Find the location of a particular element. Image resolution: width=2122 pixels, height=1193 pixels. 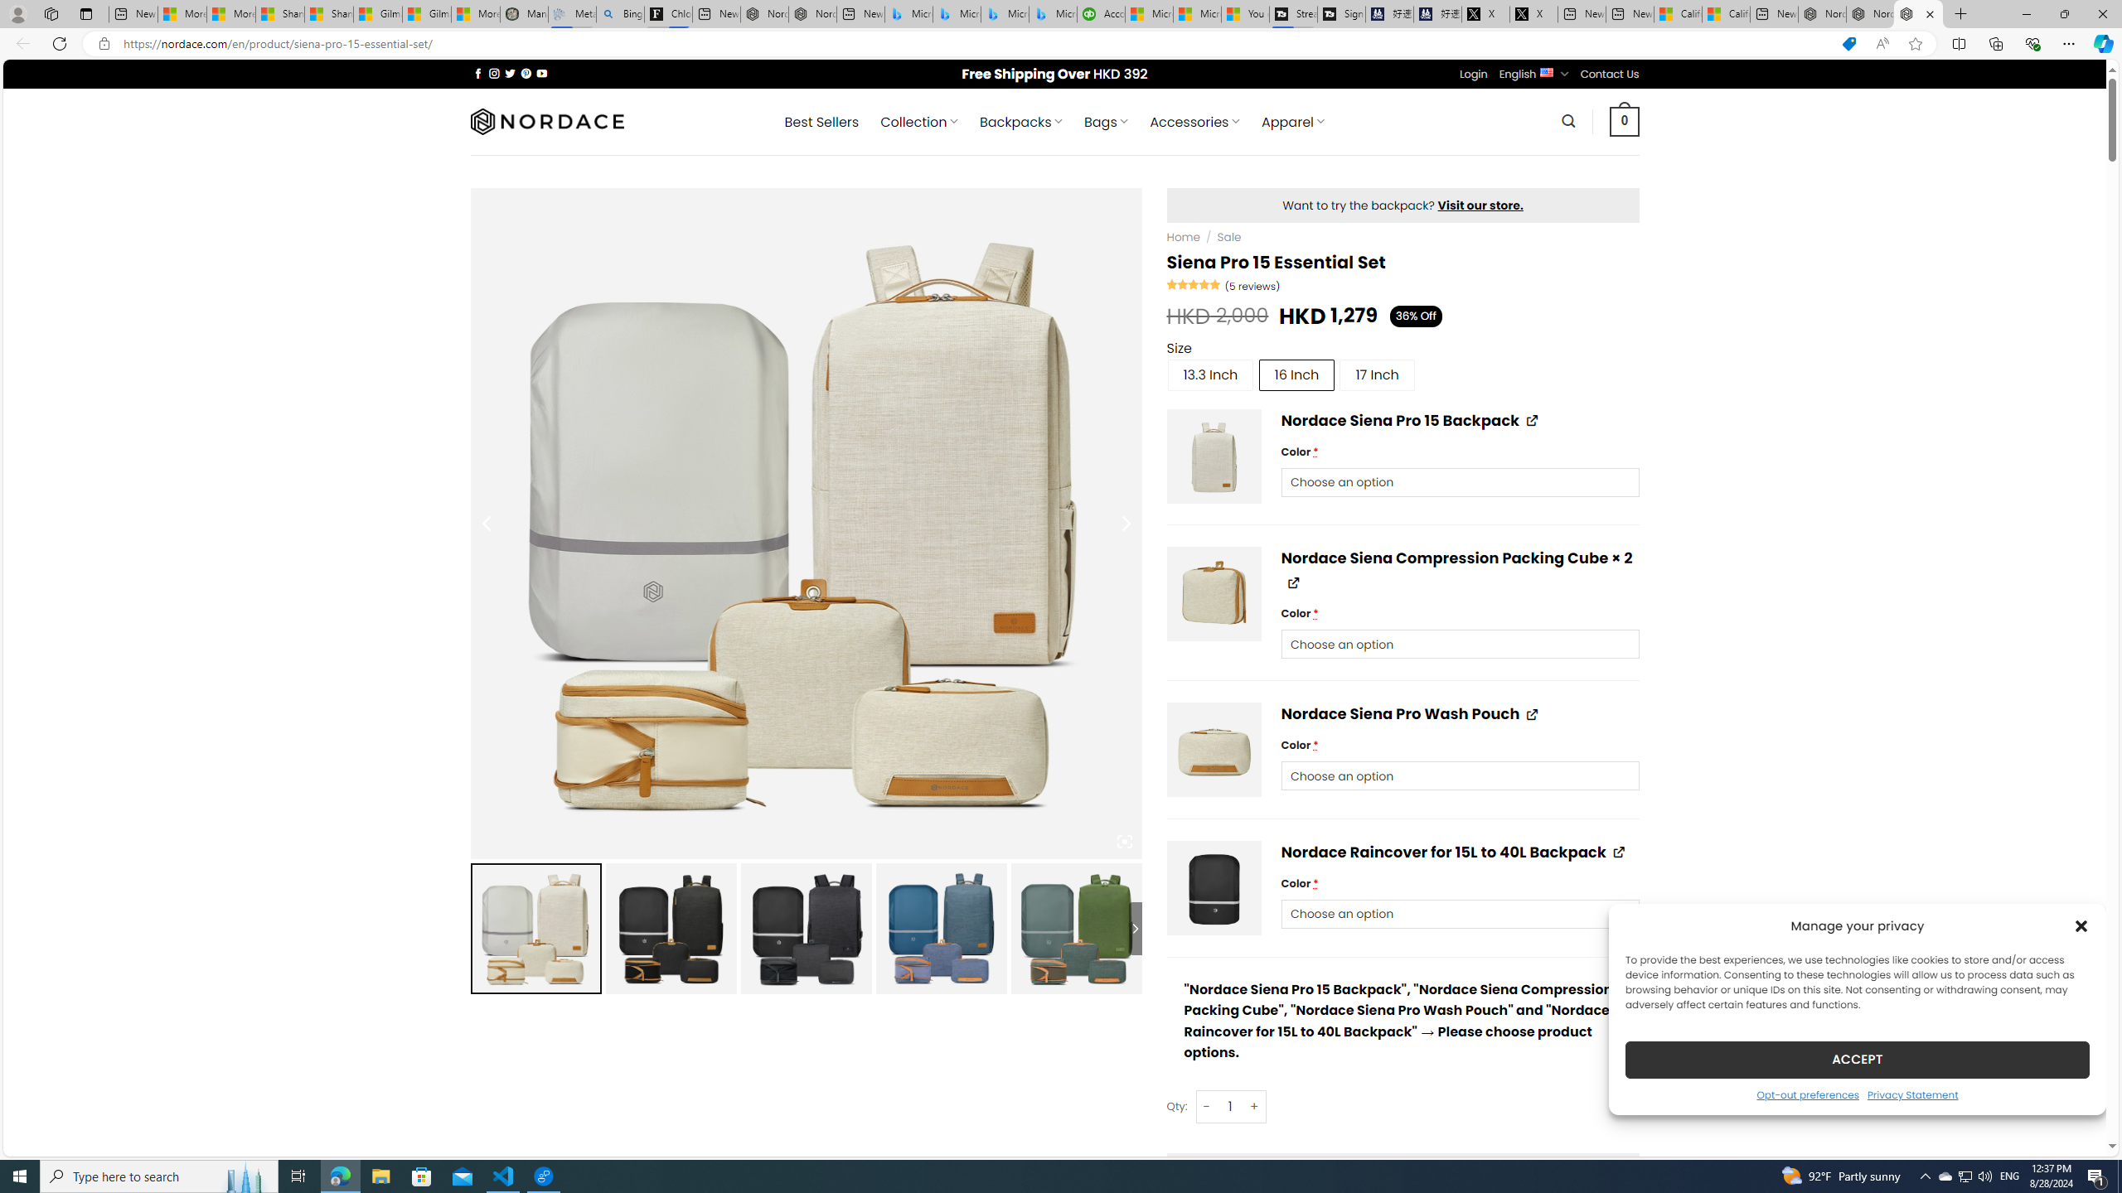

'  0  ' is located at coordinates (1625, 120).